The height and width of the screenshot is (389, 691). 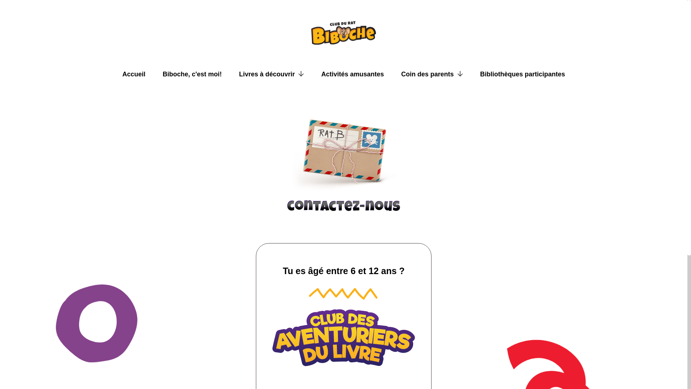 What do you see at coordinates (343, 165) in the screenshot?
I see `'Contacter par courriel'` at bounding box center [343, 165].